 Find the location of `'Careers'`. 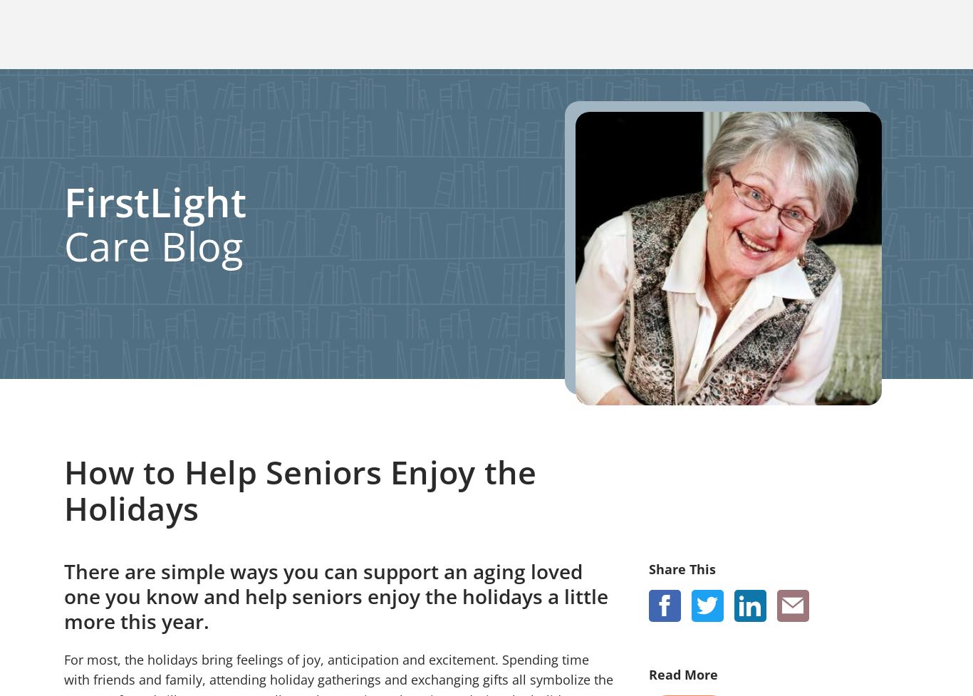

'Careers' is located at coordinates (541, 33).